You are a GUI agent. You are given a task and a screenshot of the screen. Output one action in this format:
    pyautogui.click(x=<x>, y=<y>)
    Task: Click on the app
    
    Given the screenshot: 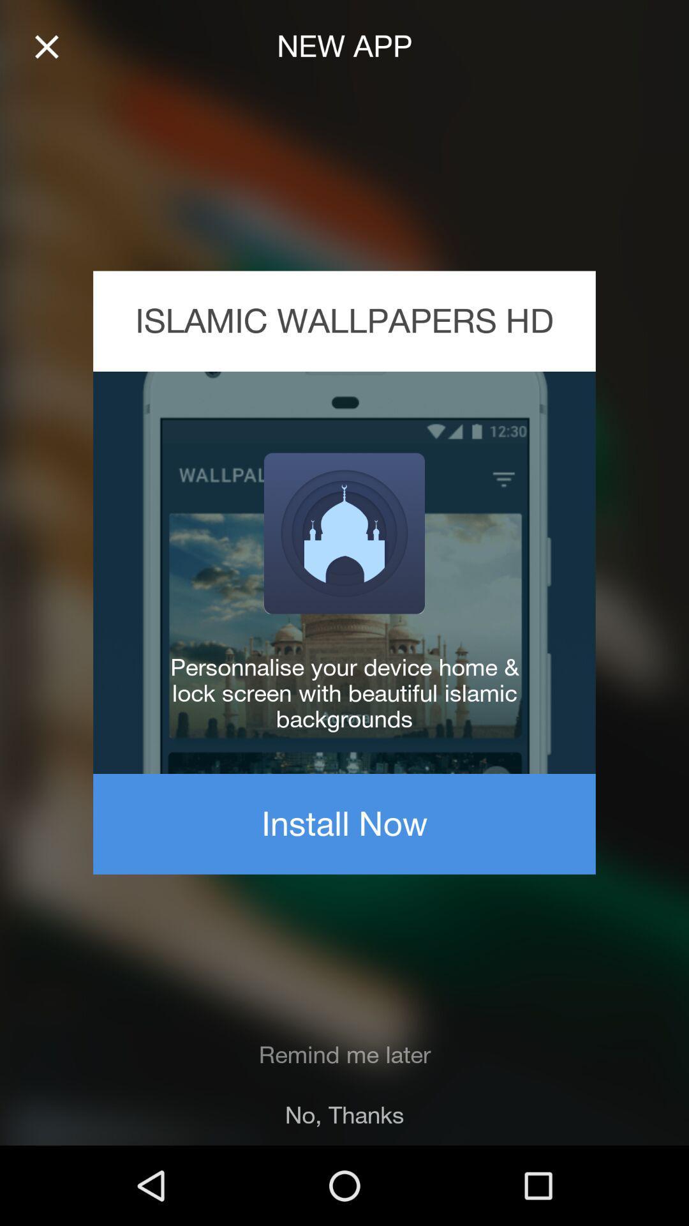 What is the action you would take?
    pyautogui.click(x=46, y=47)
    